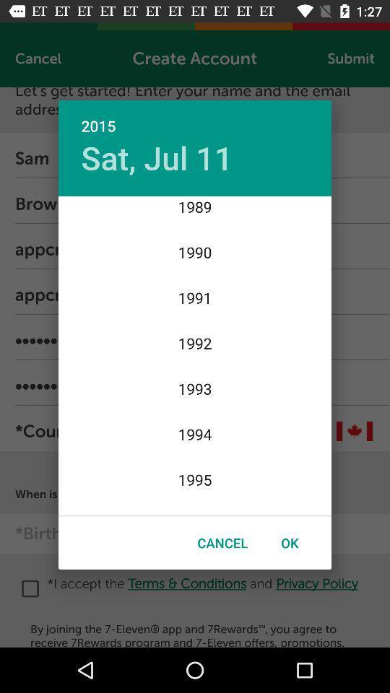 This screenshot has width=390, height=693. What do you see at coordinates (290, 542) in the screenshot?
I see `ok icon` at bounding box center [290, 542].